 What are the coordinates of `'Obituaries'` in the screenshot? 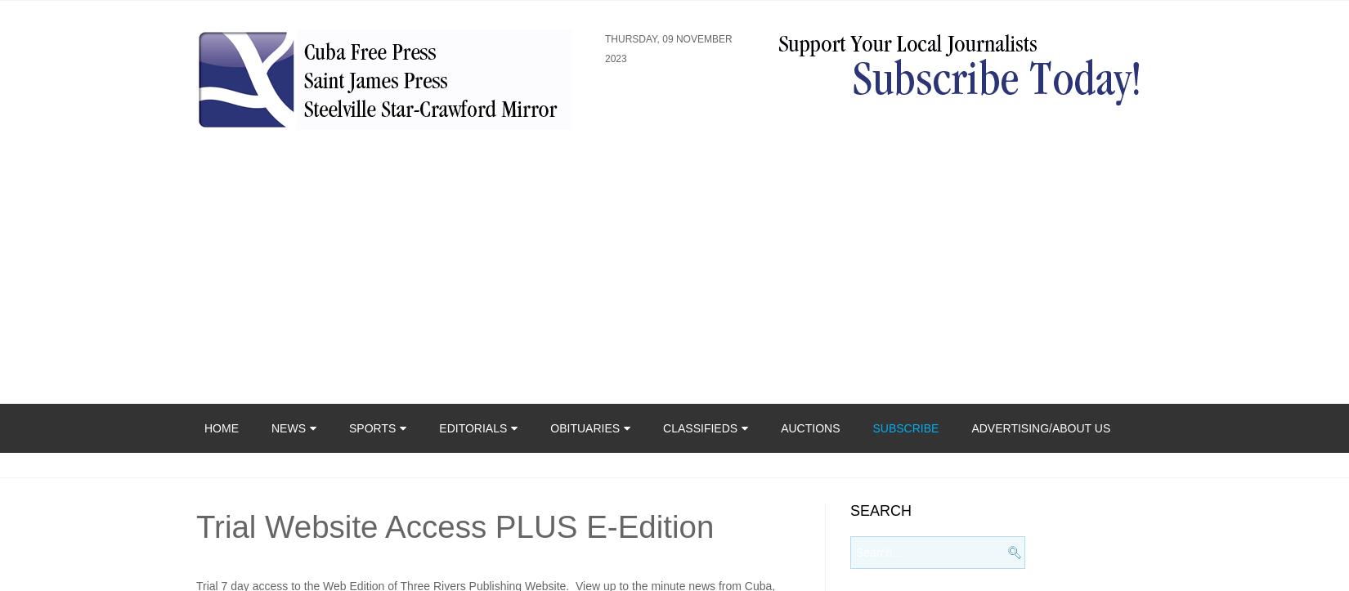 It's located at (549, 428).